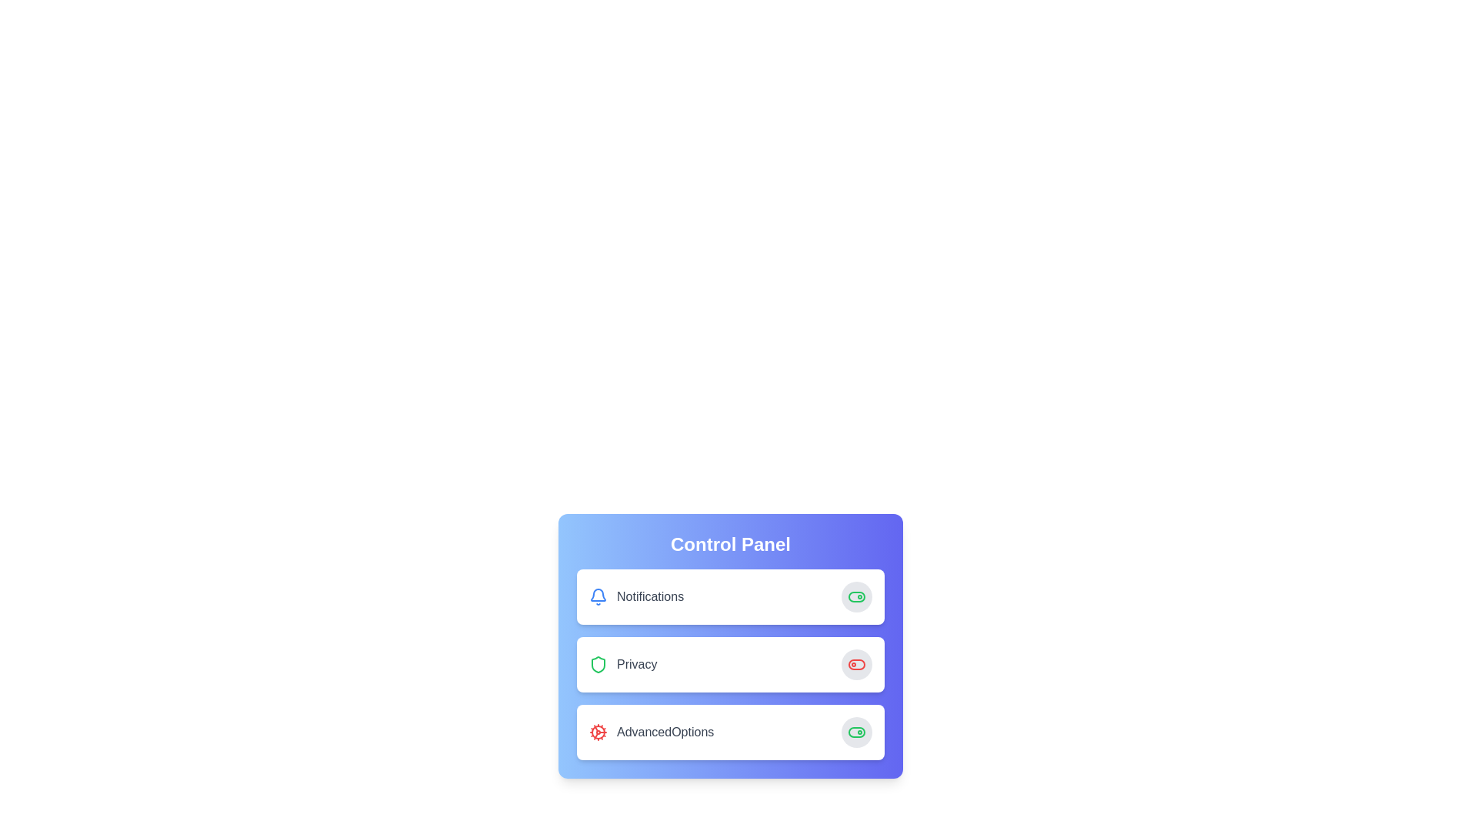 The image size is (1477, 831). What do you see at coordinates (730, 596) in the screenshot?
I see `the topmost card in the vertically stacked group of notification settings cards, which contains an interactive toggle for notifications` at bounding box center [730, 596].